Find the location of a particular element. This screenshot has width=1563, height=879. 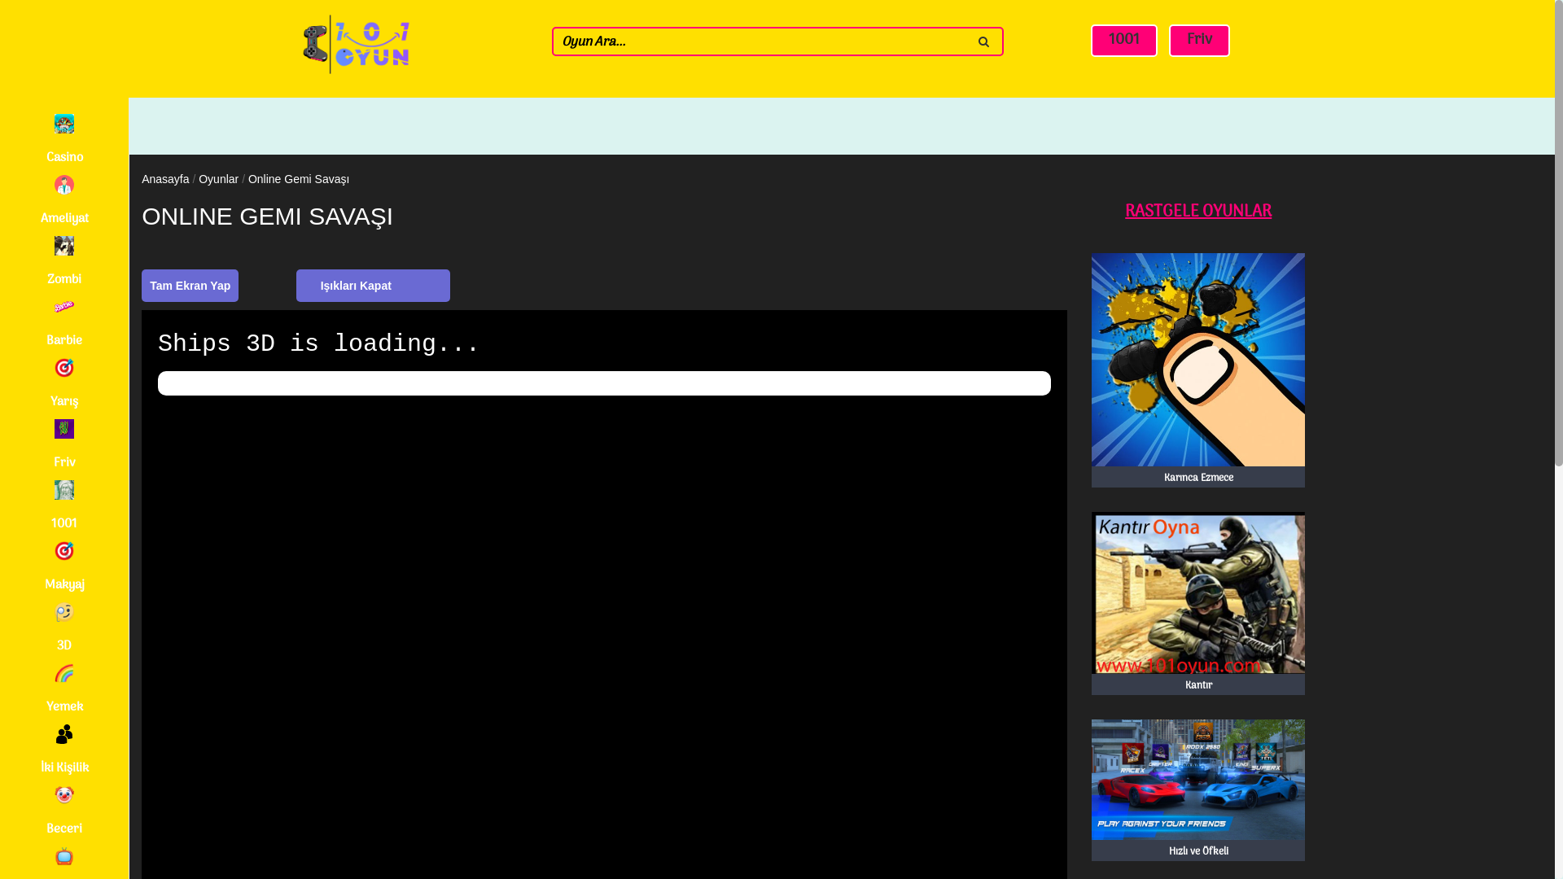

'Anasayfa' is located at coordinates (164, 178).